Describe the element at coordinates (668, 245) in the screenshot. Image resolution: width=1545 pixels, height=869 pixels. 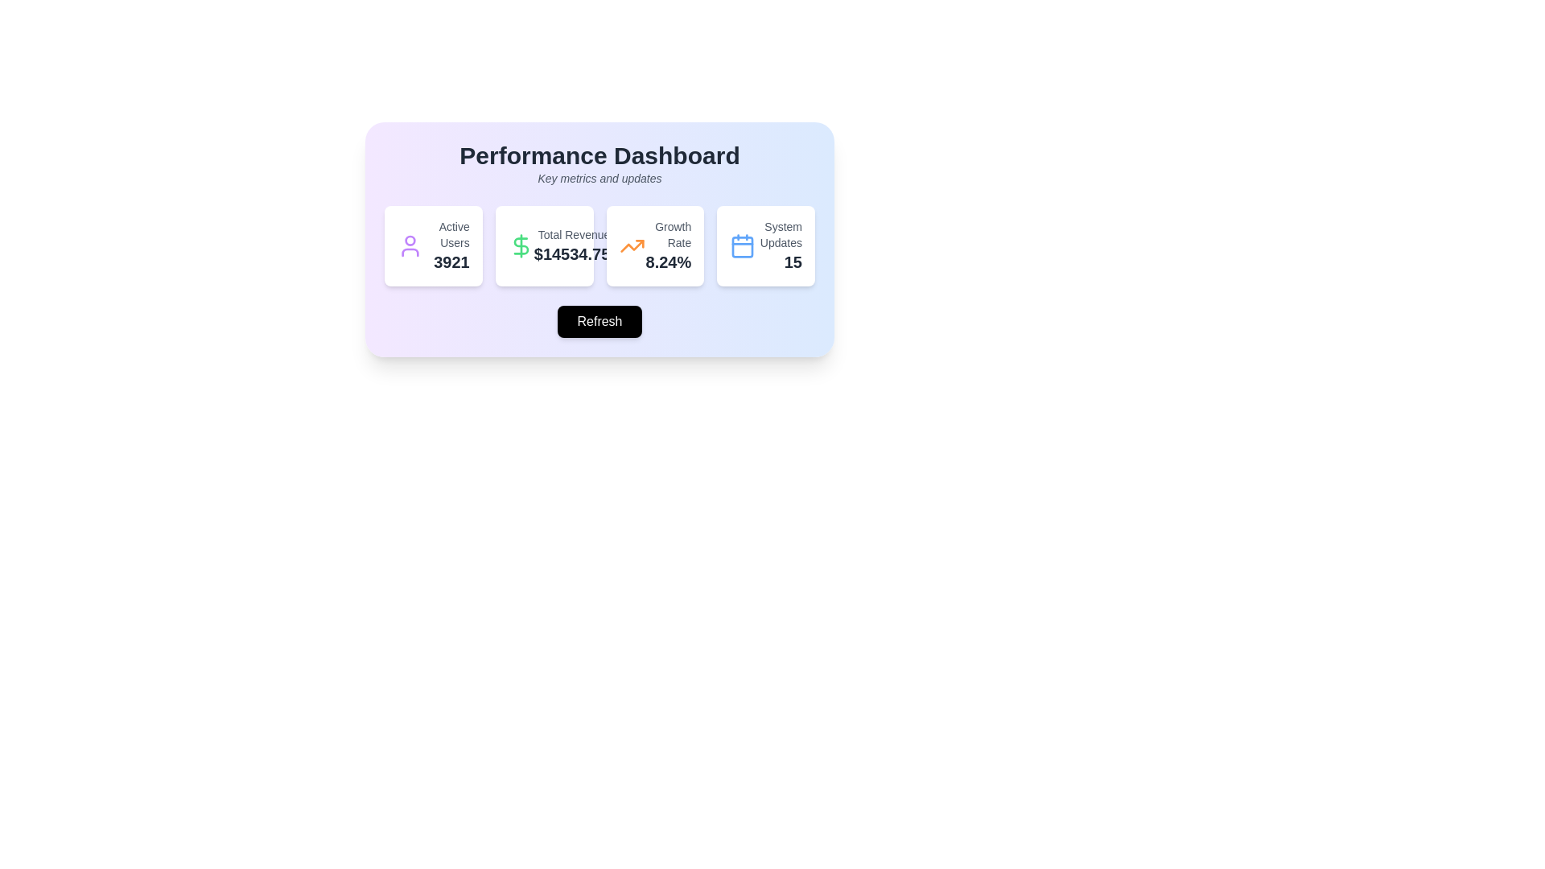
I see `the informational text display showing 'Growth Rate' and '8.24%' in a card on the dashboard` at that location.